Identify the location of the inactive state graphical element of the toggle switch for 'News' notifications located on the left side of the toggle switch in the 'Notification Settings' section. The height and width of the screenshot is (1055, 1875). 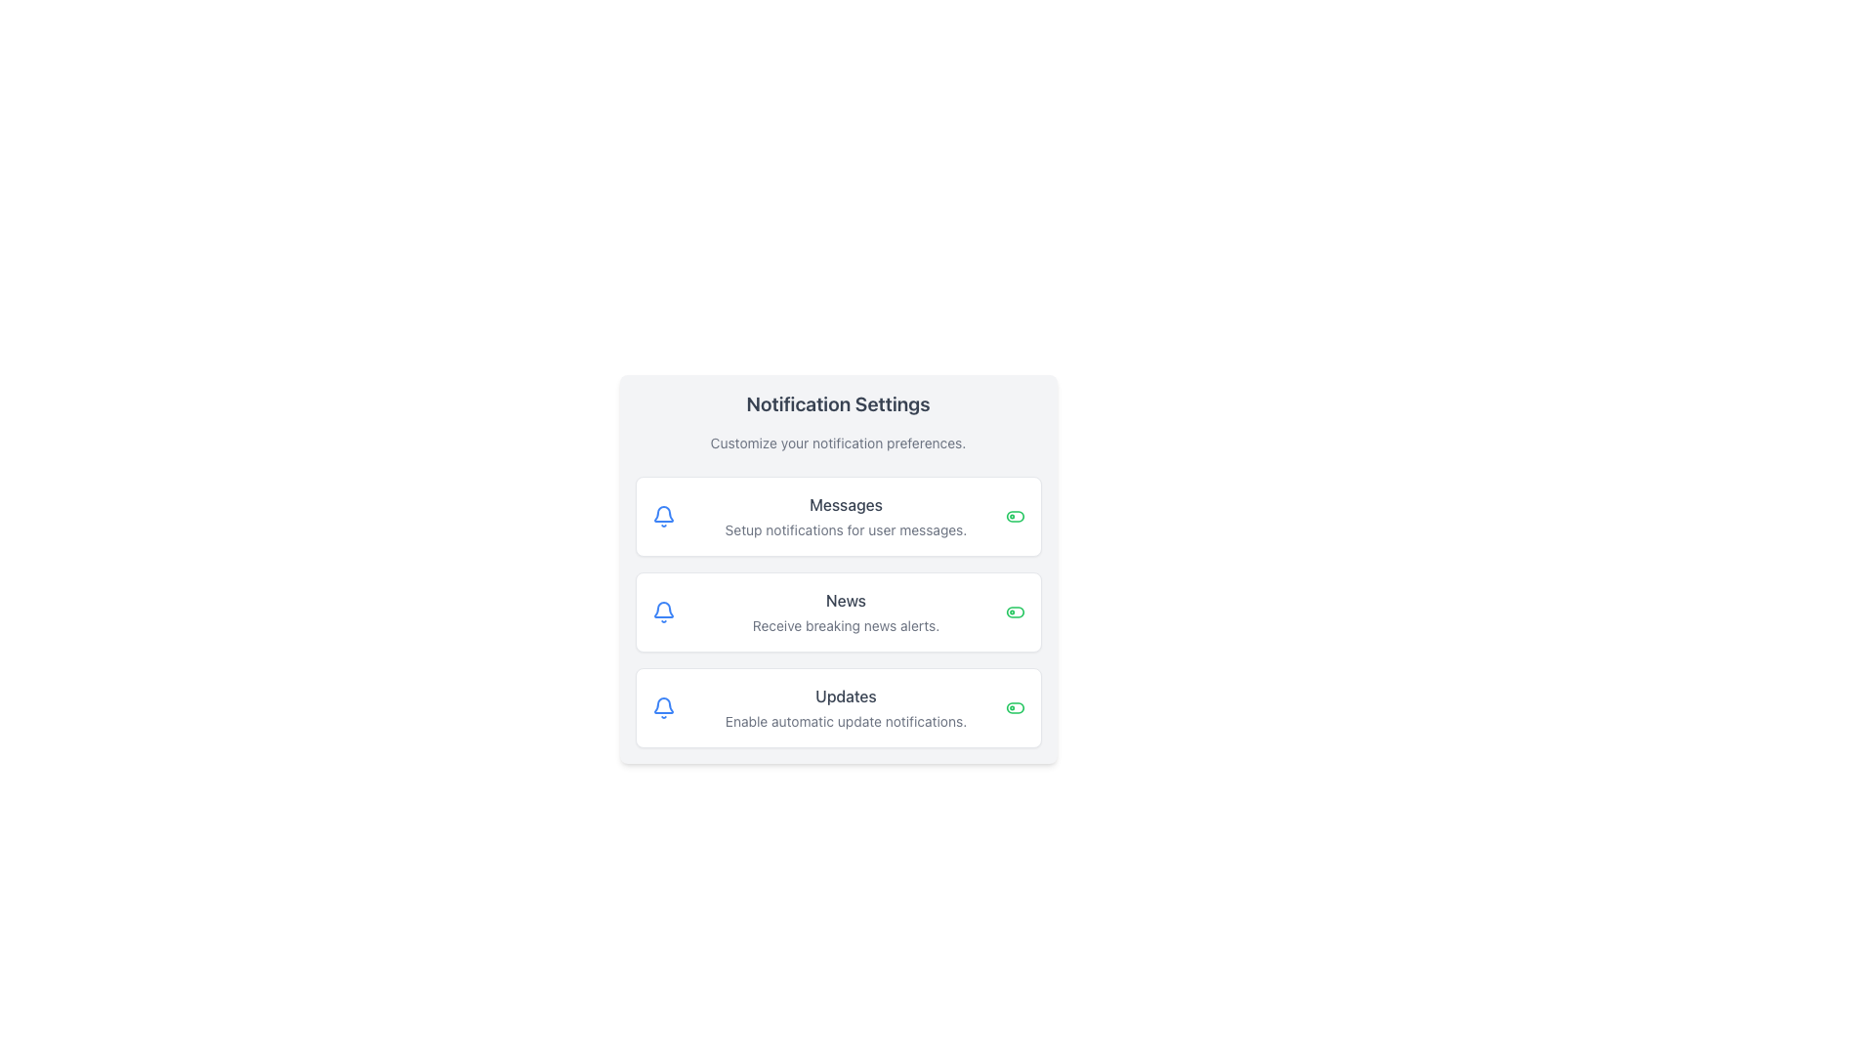
(1015, 612).